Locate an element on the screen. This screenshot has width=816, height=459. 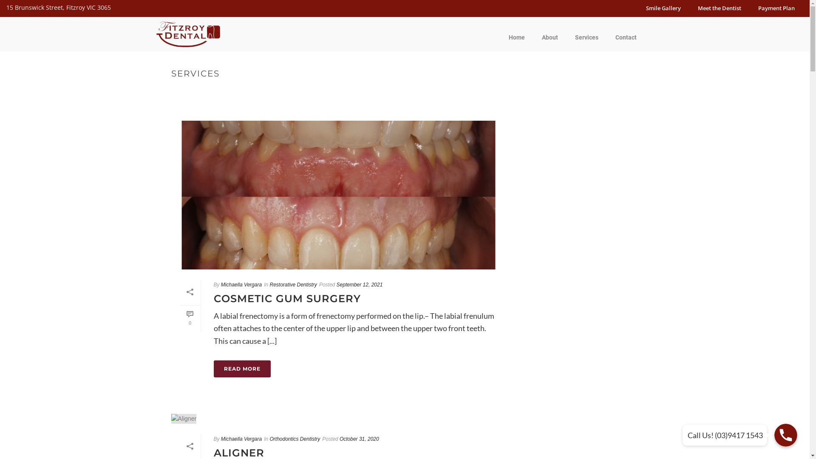
'Payment Plan' is located at coordinates (776, 8).